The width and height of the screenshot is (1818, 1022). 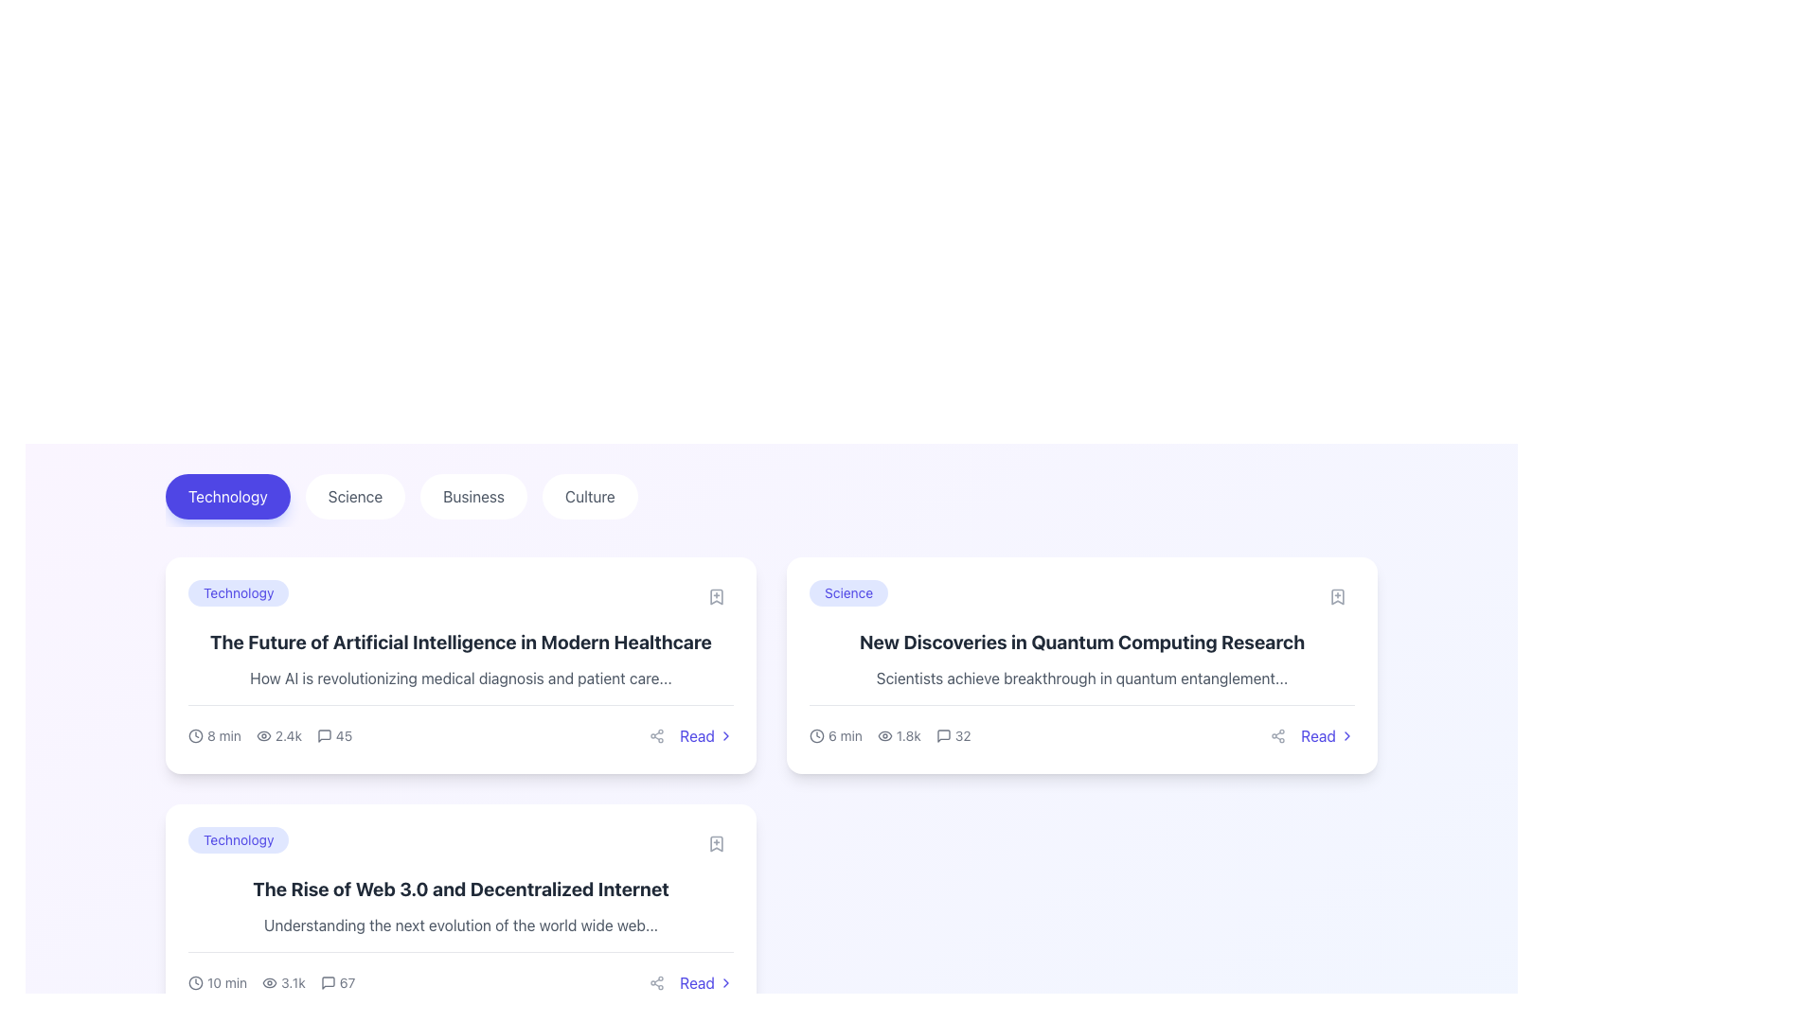 What do you see at coordinates (460, 974) in the screenshot?
I see `the graphical icons (clock, eye, or comment) within the Informational bar at the bottom of the second blog card in the Technology category` at bounding box center [460, 974].